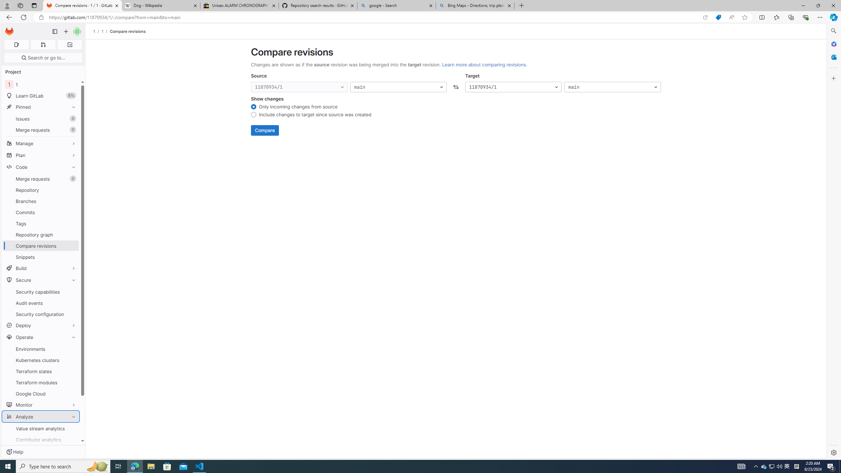 This screenshot has width=841, height=473. Describe the element at coordinates (72, 118) in the screenshot. I see `'Unpin Issues'` at that location.